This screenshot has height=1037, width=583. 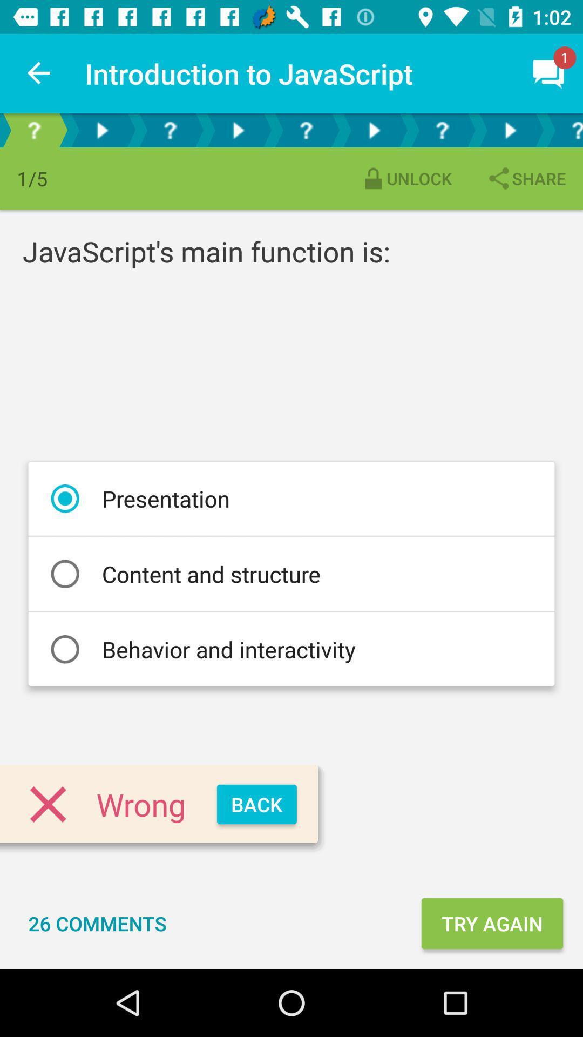 I want to click on the icon to the left of introduction to javascript, so click(x=39, y=73).